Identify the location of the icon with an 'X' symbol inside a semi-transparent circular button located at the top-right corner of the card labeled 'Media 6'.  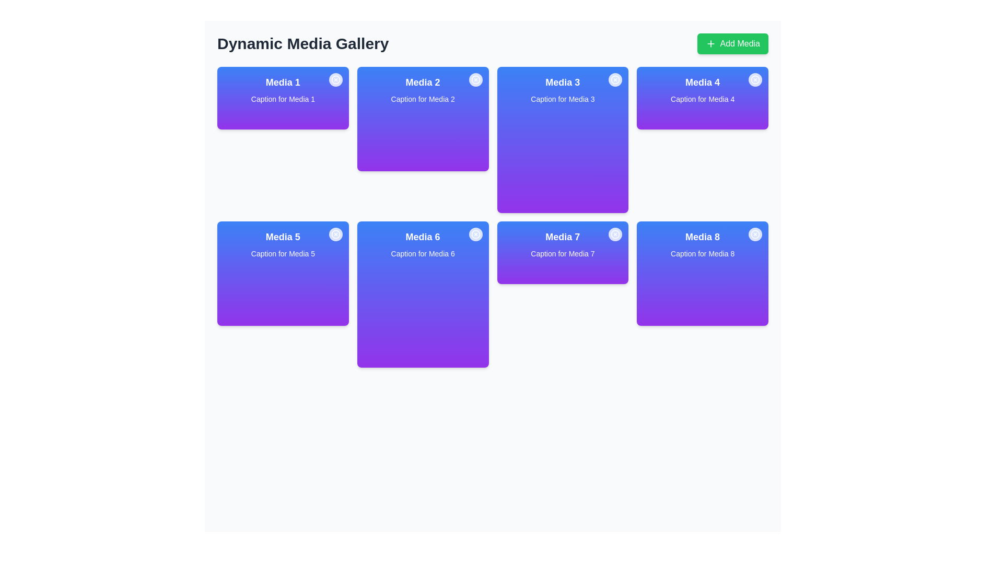
(475, 233).